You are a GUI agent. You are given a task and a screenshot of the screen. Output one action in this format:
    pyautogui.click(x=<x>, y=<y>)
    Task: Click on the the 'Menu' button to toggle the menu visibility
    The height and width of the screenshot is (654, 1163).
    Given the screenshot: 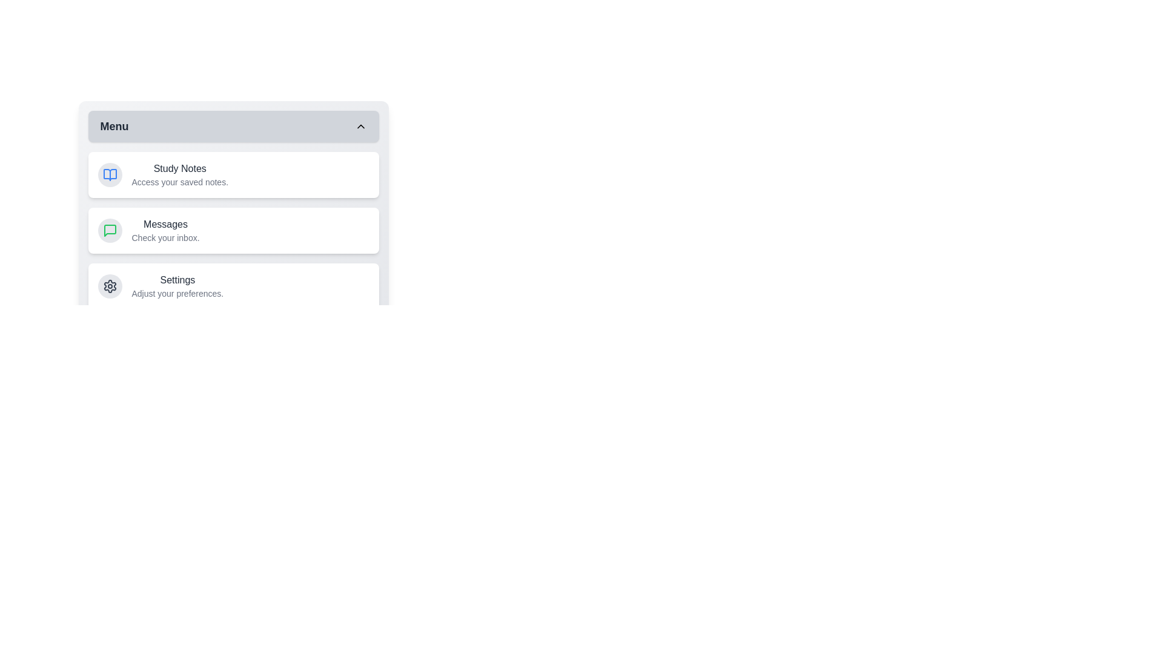 What is the action you would take?
    pyautogui.click(x=233, y=126)
    